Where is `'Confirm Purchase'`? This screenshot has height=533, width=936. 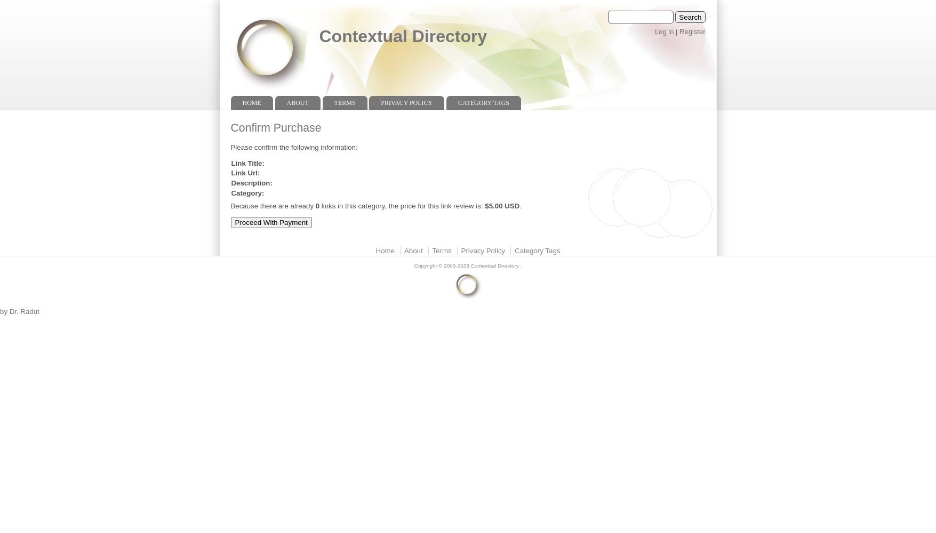
'Confirm Purchase' is located at coordinates (275, 127).